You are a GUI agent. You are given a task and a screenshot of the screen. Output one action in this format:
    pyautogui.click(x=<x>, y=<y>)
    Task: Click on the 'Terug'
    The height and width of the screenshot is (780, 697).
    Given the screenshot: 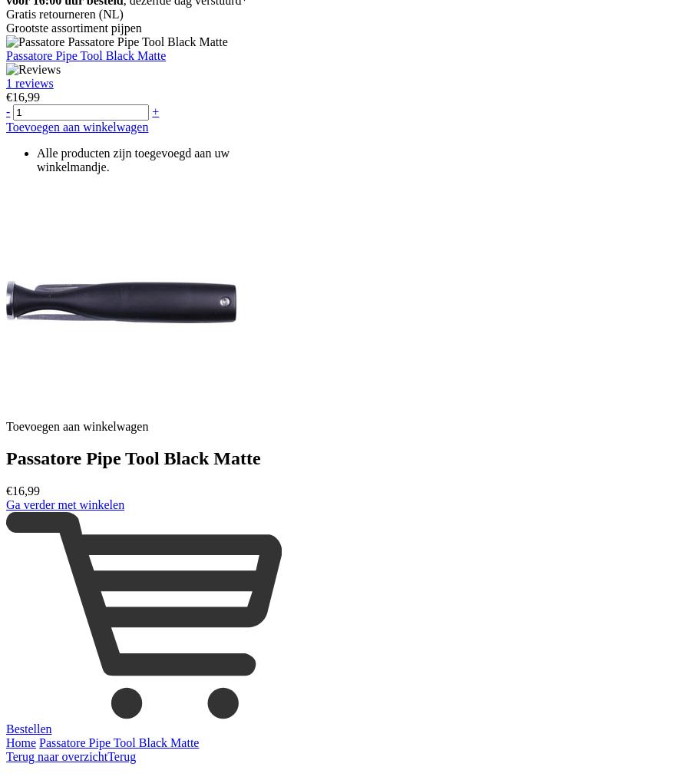 What is the action you would take?
    pyautogui.click(x=107, y=755)
    